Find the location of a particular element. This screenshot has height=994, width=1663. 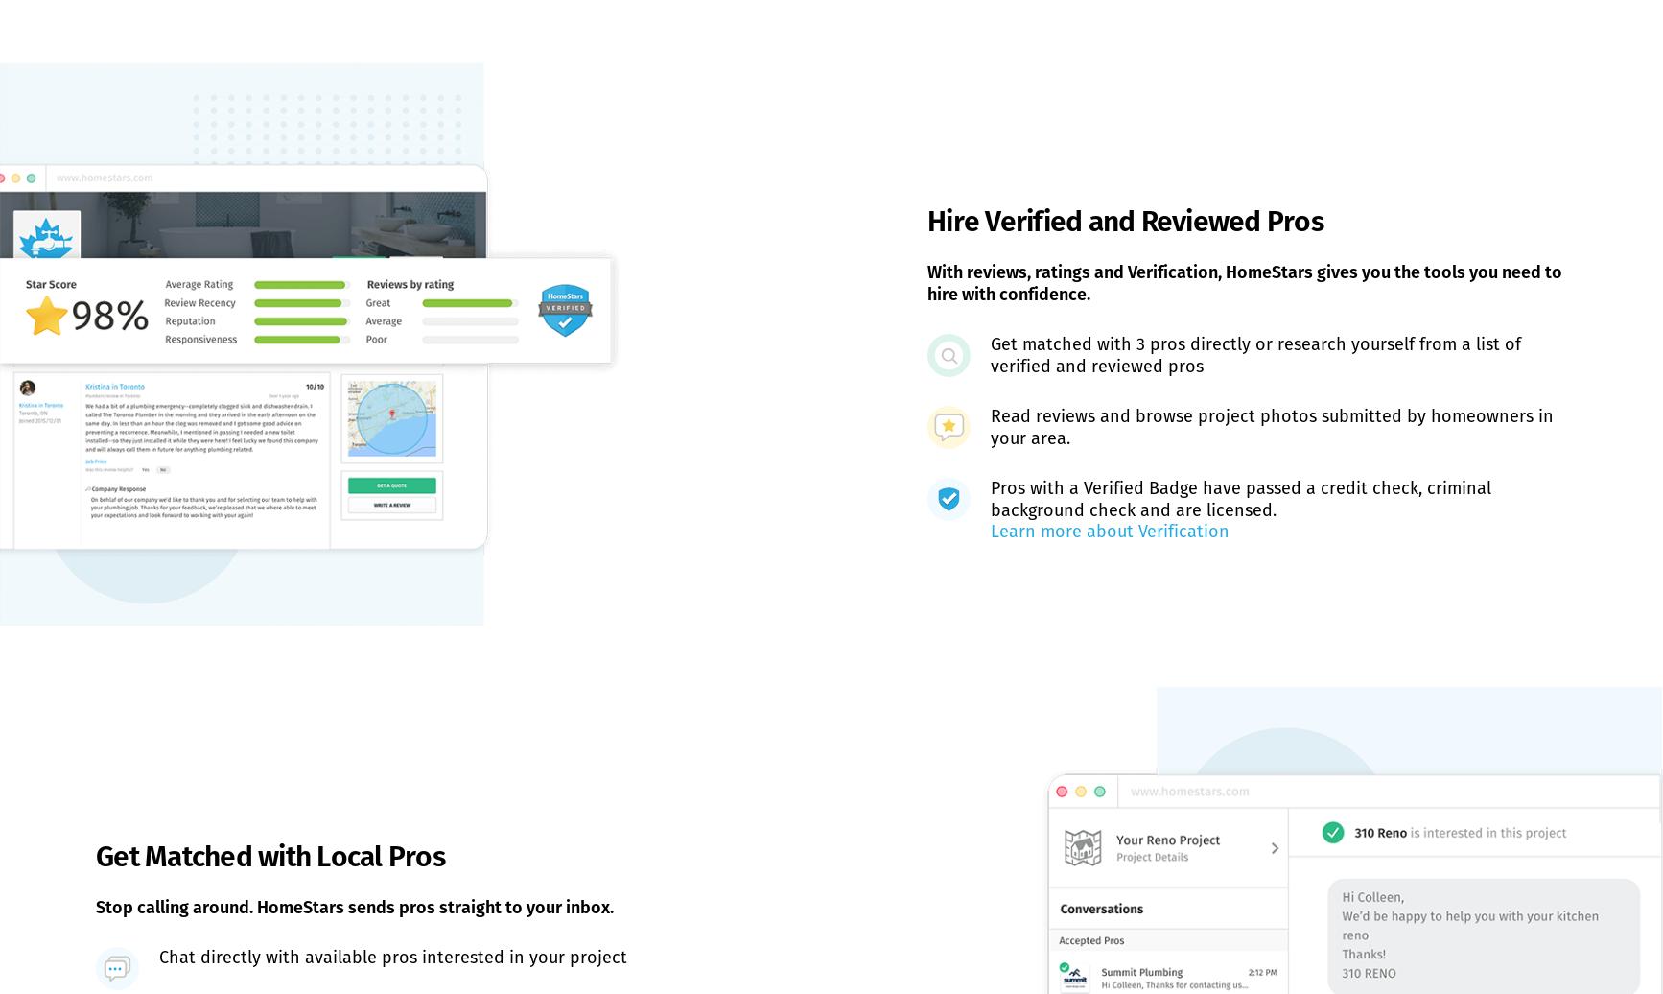

'Browse Categories' is located at coordinates (304, 658).